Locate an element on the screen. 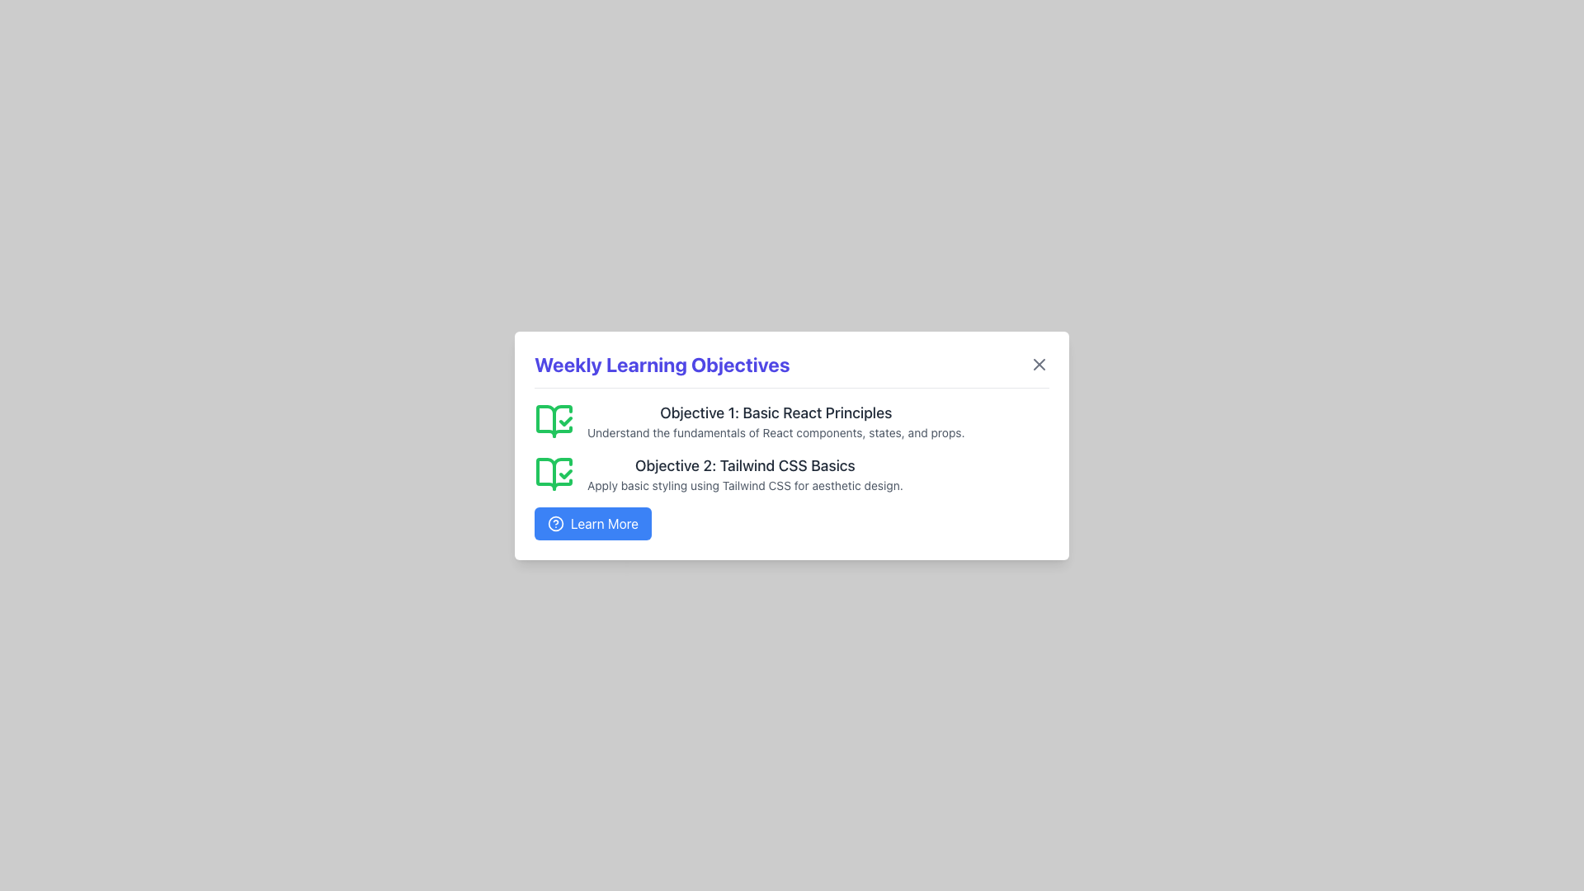  the green open book icon with a check mark, located to the left of the text 'Objective 2: Tailwind CSS Basics', for visual representation is located at coordinates (554, 474).